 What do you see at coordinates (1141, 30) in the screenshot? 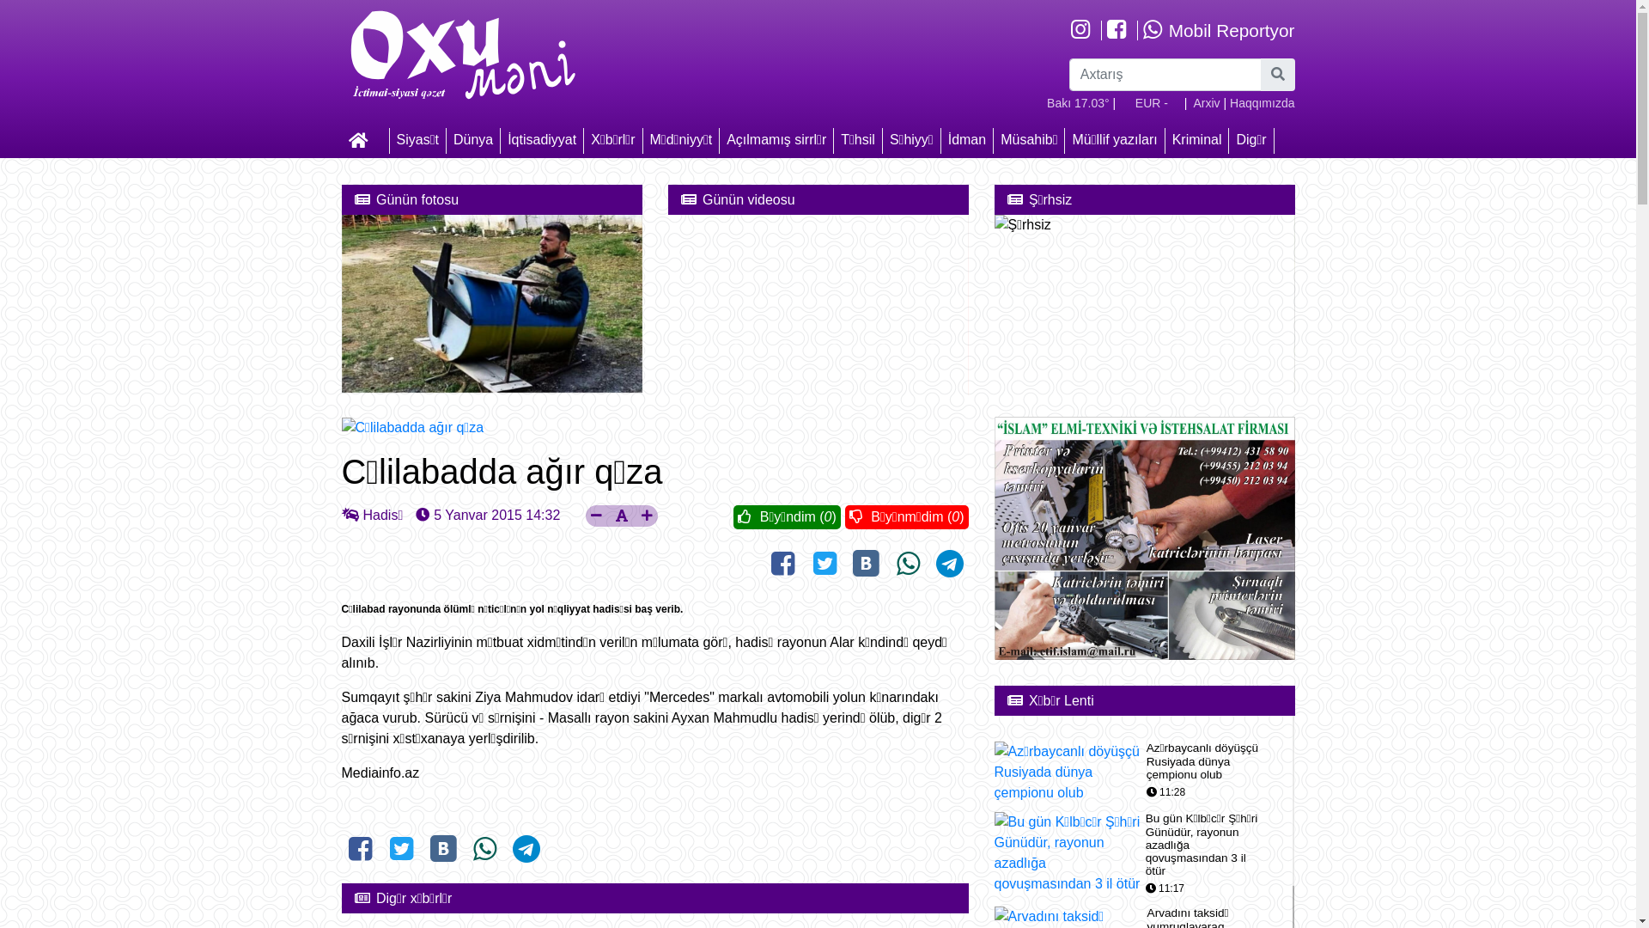
I see `'Mobil Reportyor'` at bounding box center [1141, 30].